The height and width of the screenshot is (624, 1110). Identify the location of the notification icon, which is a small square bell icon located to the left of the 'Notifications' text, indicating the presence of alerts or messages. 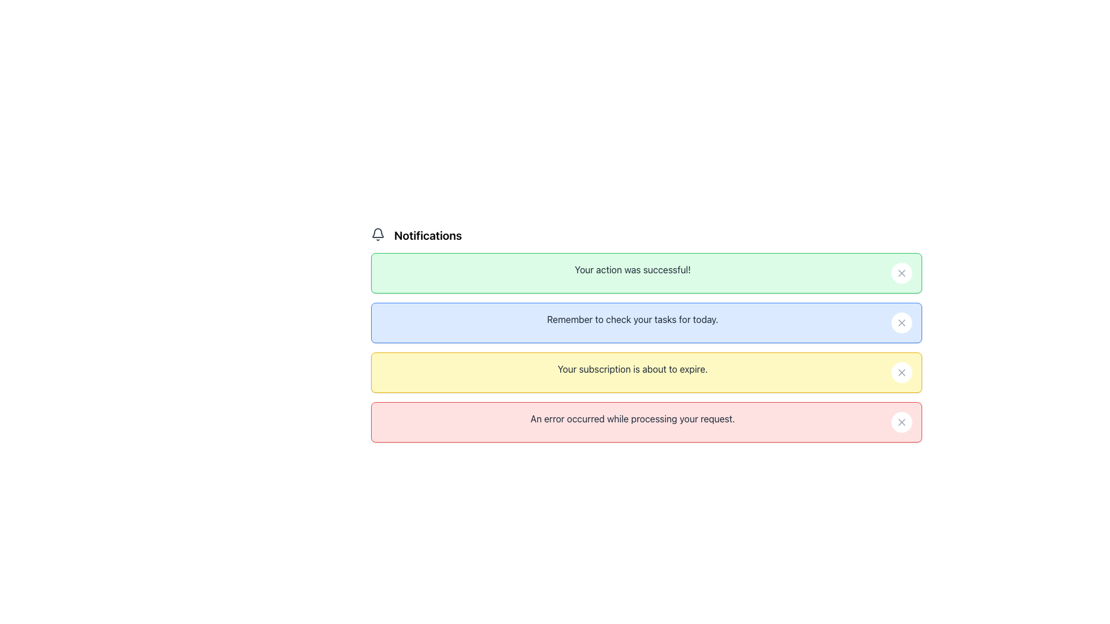
(378, 234).